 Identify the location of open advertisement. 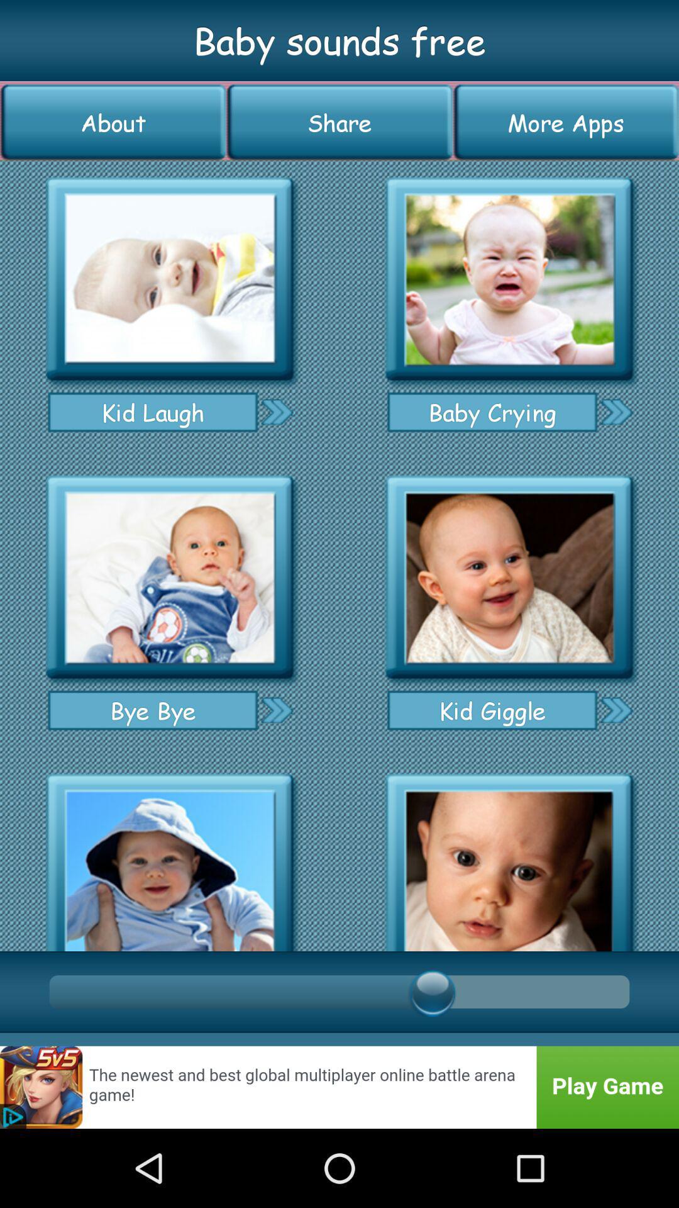
(339, 1087).